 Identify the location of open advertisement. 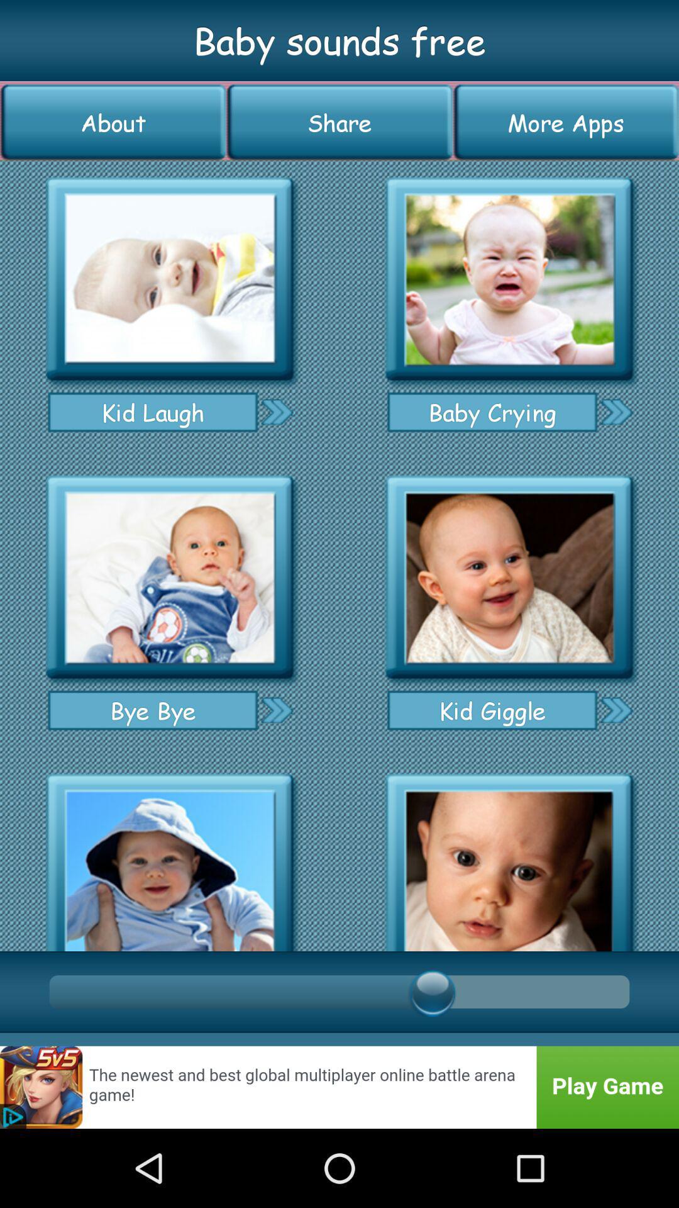
(339, 1087).